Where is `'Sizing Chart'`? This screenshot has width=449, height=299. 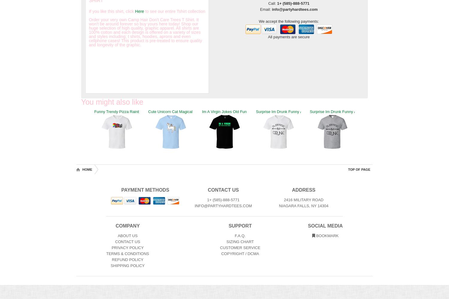
'Sizing Chart' is located at coordinates (240, 242).